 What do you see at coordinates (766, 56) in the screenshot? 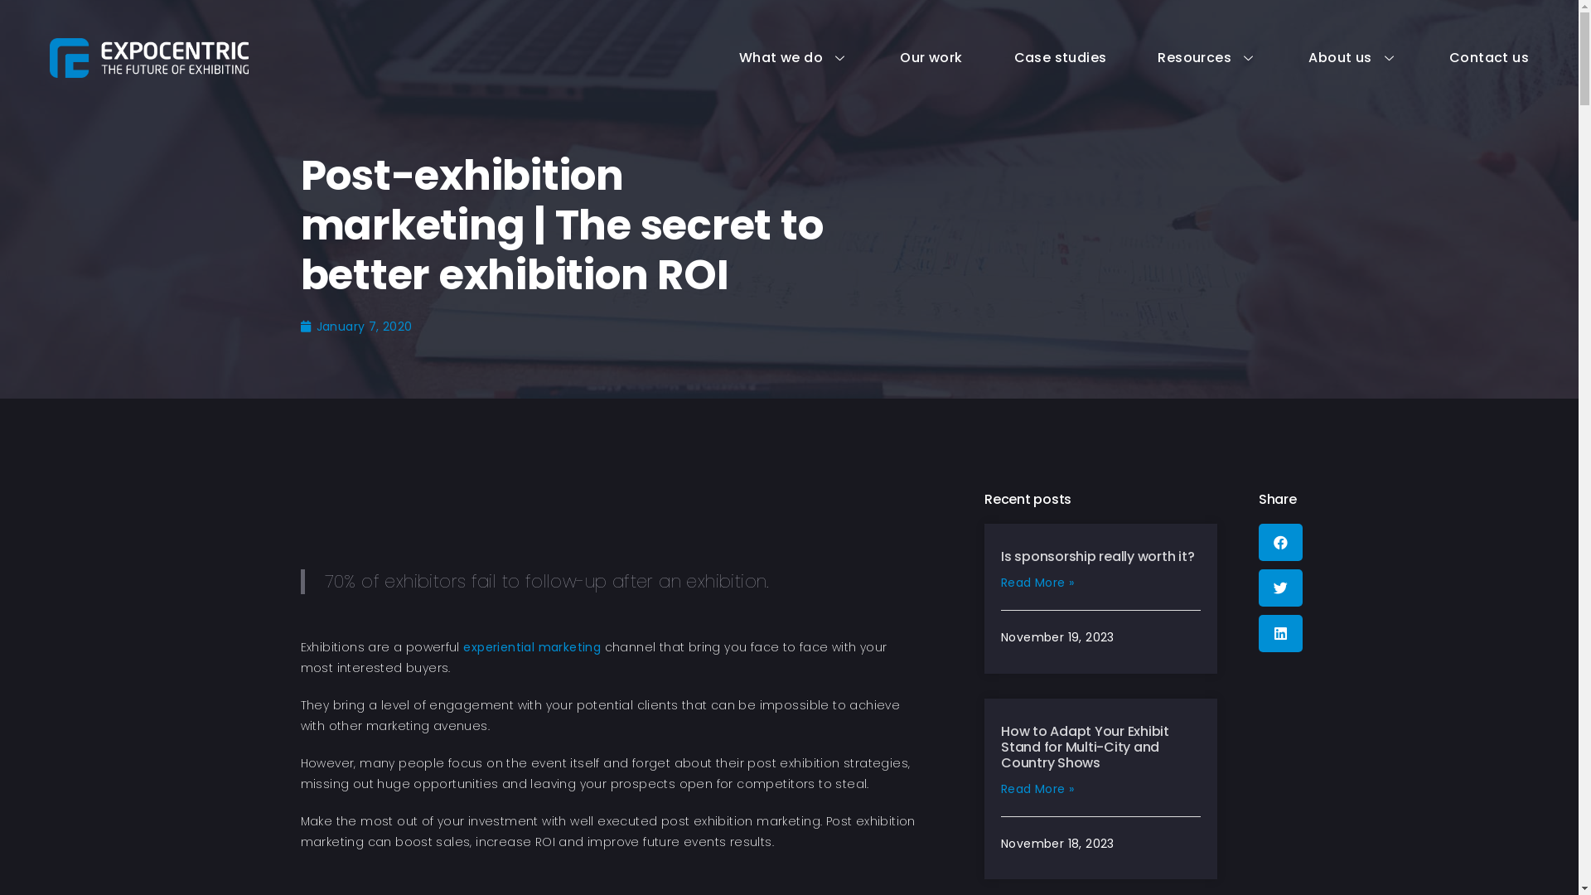
I see `'What we do'` at bounding box center [766, 56].